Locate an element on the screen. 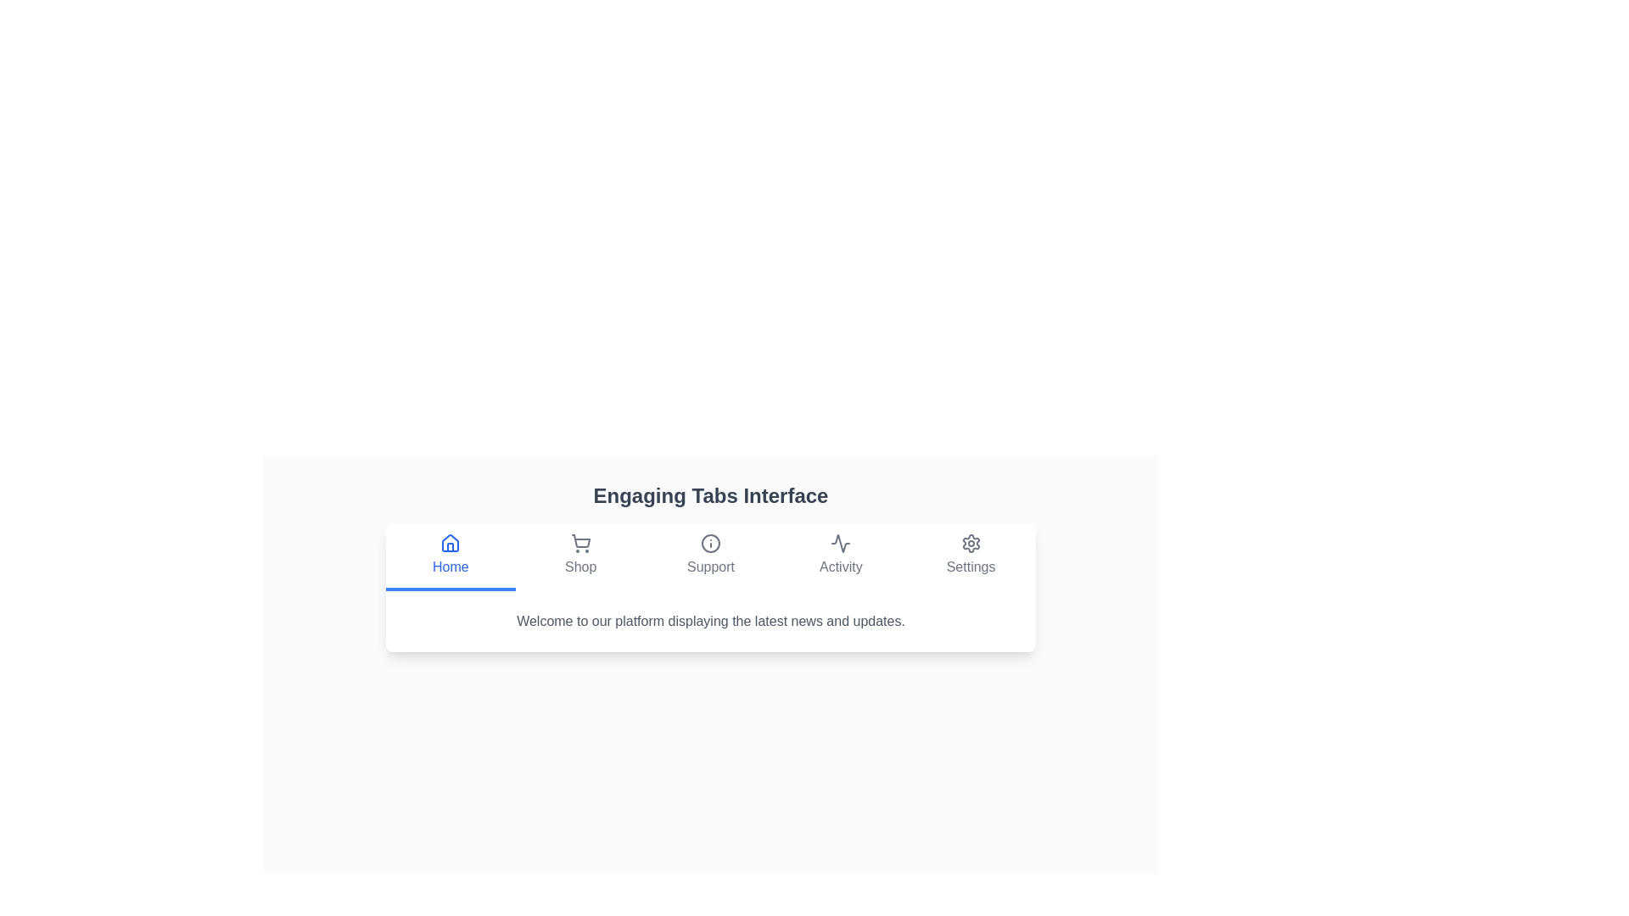  the house-like icon representing the home button is located at coordinates (451, 543).